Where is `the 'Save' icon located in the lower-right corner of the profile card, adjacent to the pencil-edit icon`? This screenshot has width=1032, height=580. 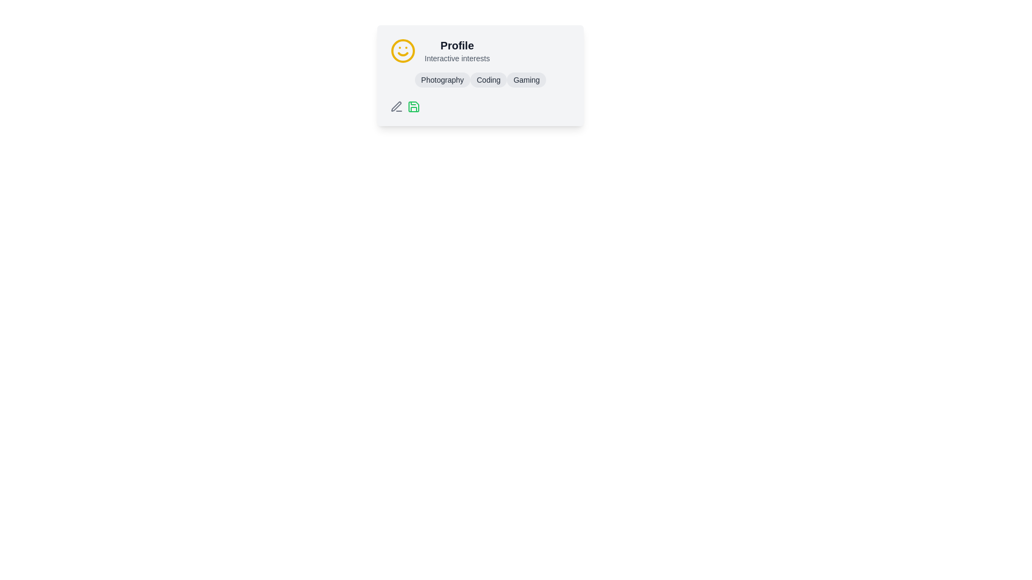
the 'Save' icon located in the lower-right corner of the profile card, adjacent to the pencil-edit icon is located at coordinates (413, 107).